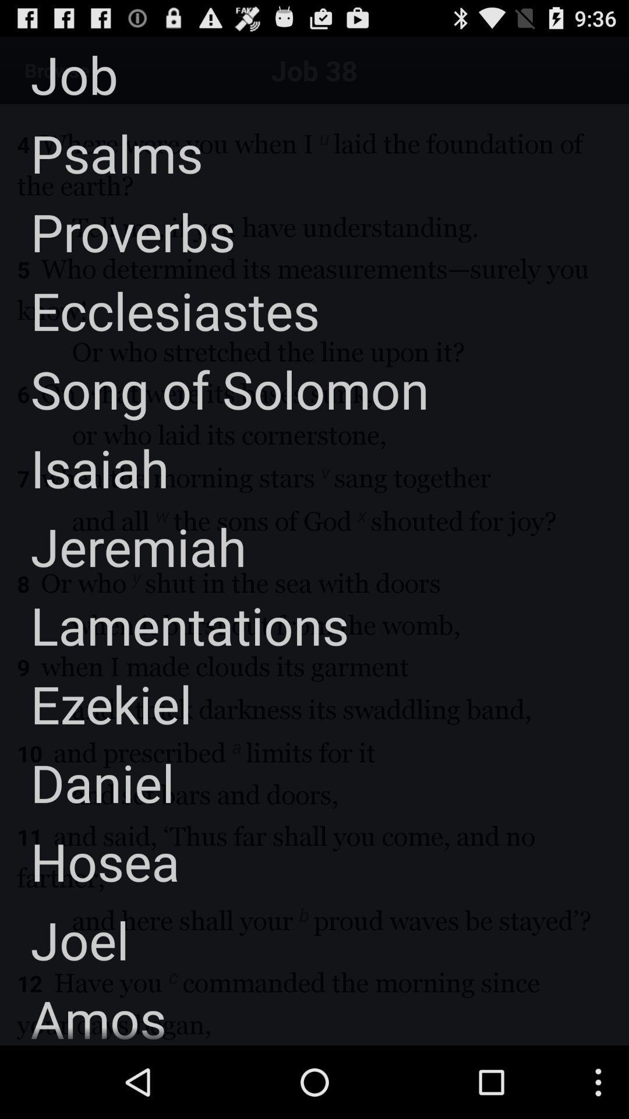 This screenshot has width=629, height=1119. I want to click on ezekiel item, so click(96, 703).